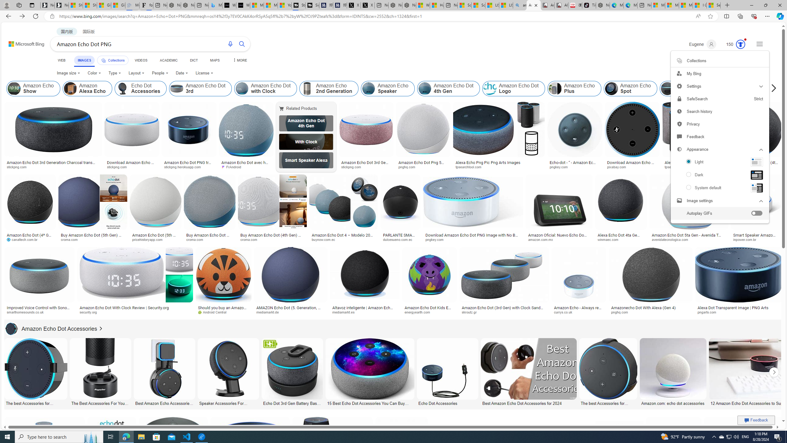 The image size is (787, 443). What do you see at coordinates (68, 73) in the screenshot?
I see `'Image size'` at bounding box center [68, 73].